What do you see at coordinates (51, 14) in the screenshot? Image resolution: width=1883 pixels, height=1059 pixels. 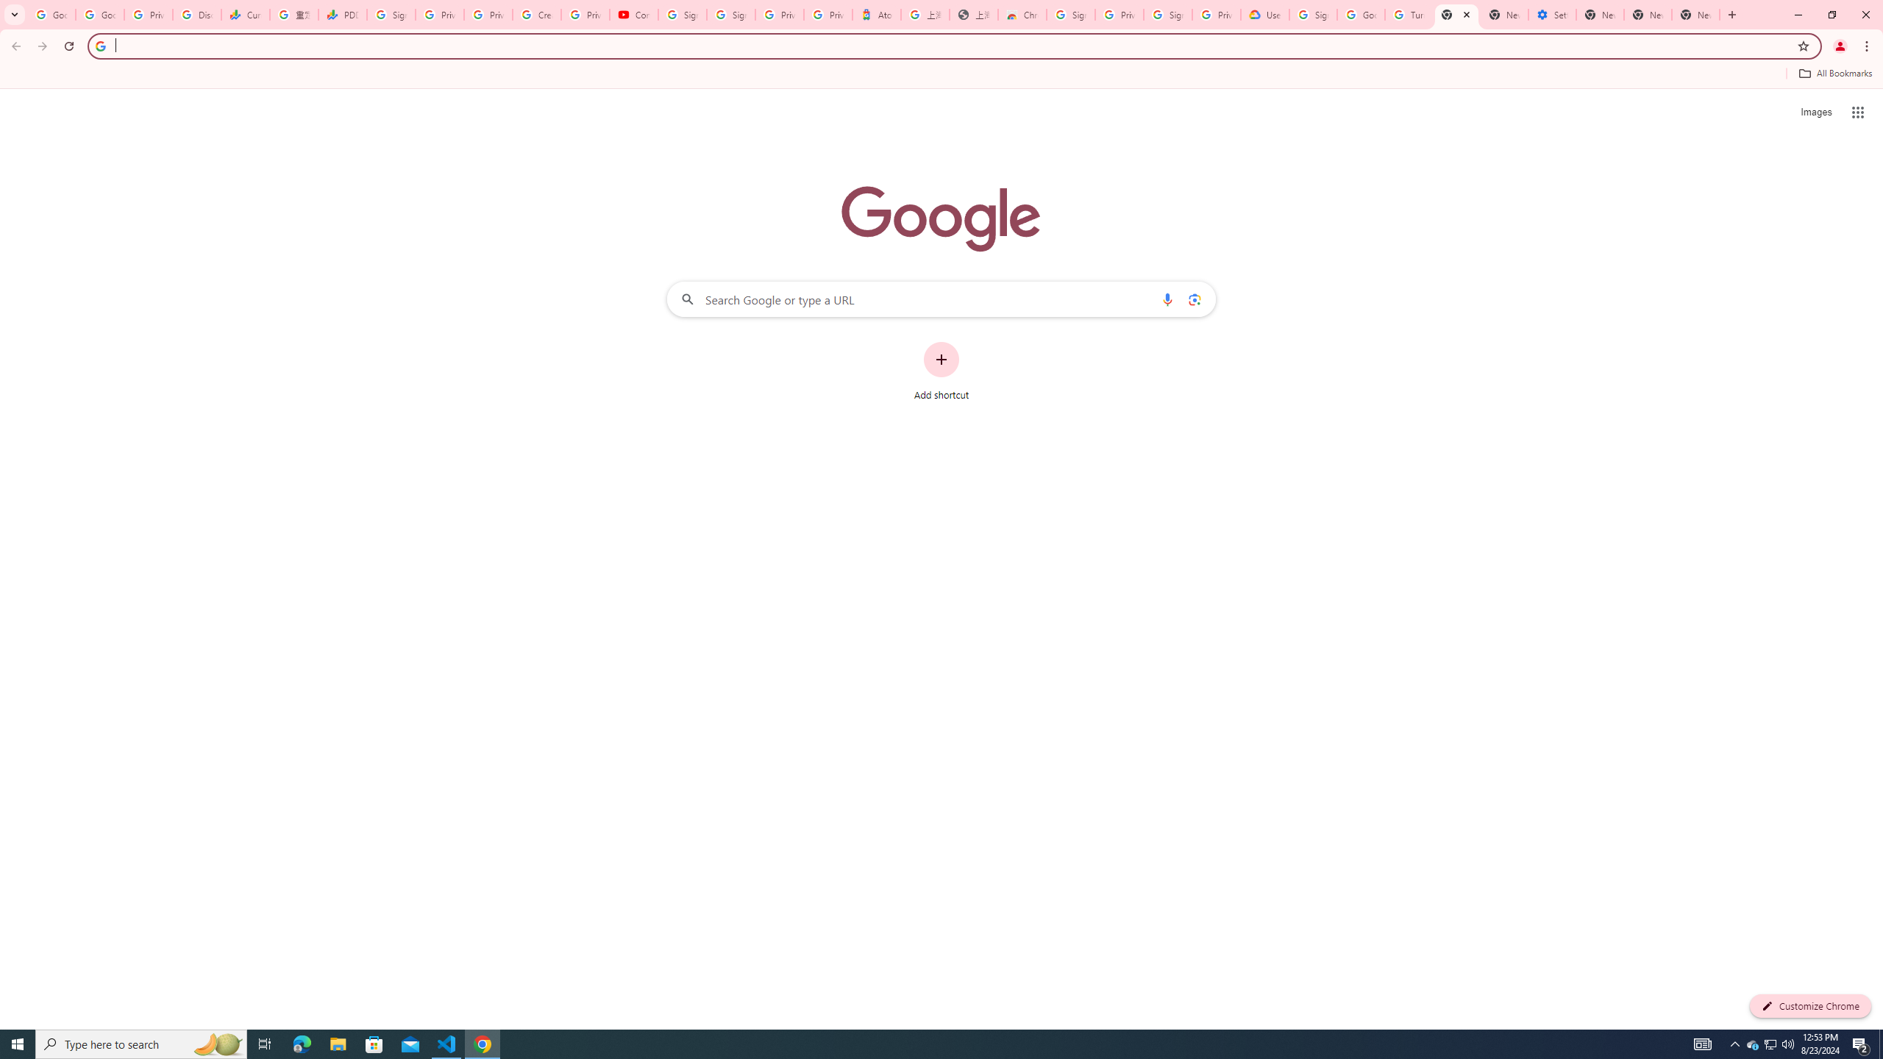 I see `'Google Workspace Admin Community'` at bounding box center [51, 14].